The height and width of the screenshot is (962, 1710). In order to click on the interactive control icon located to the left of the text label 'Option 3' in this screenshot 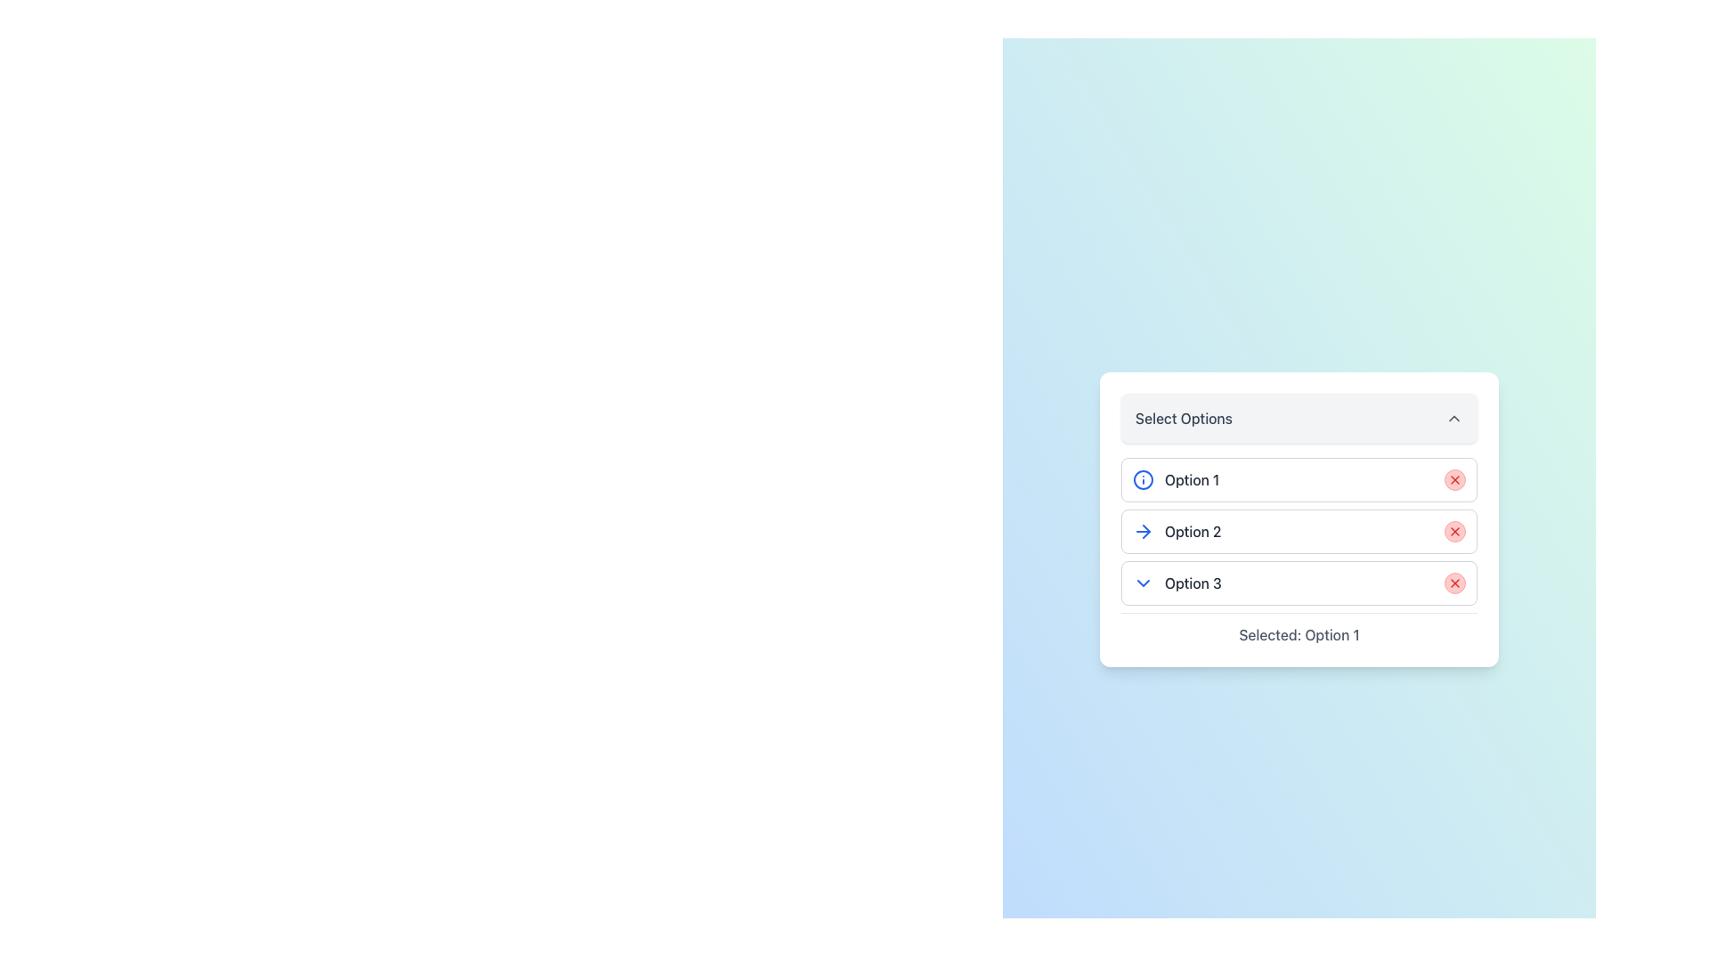, I will do `click(1143, 583)`.